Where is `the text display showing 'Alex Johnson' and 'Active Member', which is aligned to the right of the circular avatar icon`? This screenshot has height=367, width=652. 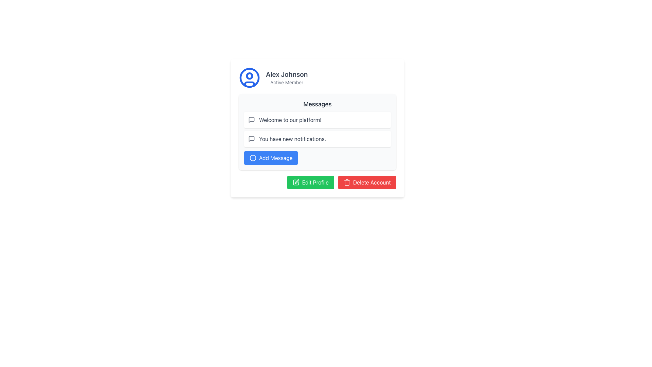
the text display showing 'Alex Johnson' and 'Active Member', which is aligned to the right of the circular avatar icon is located at coordinates (287, 77).